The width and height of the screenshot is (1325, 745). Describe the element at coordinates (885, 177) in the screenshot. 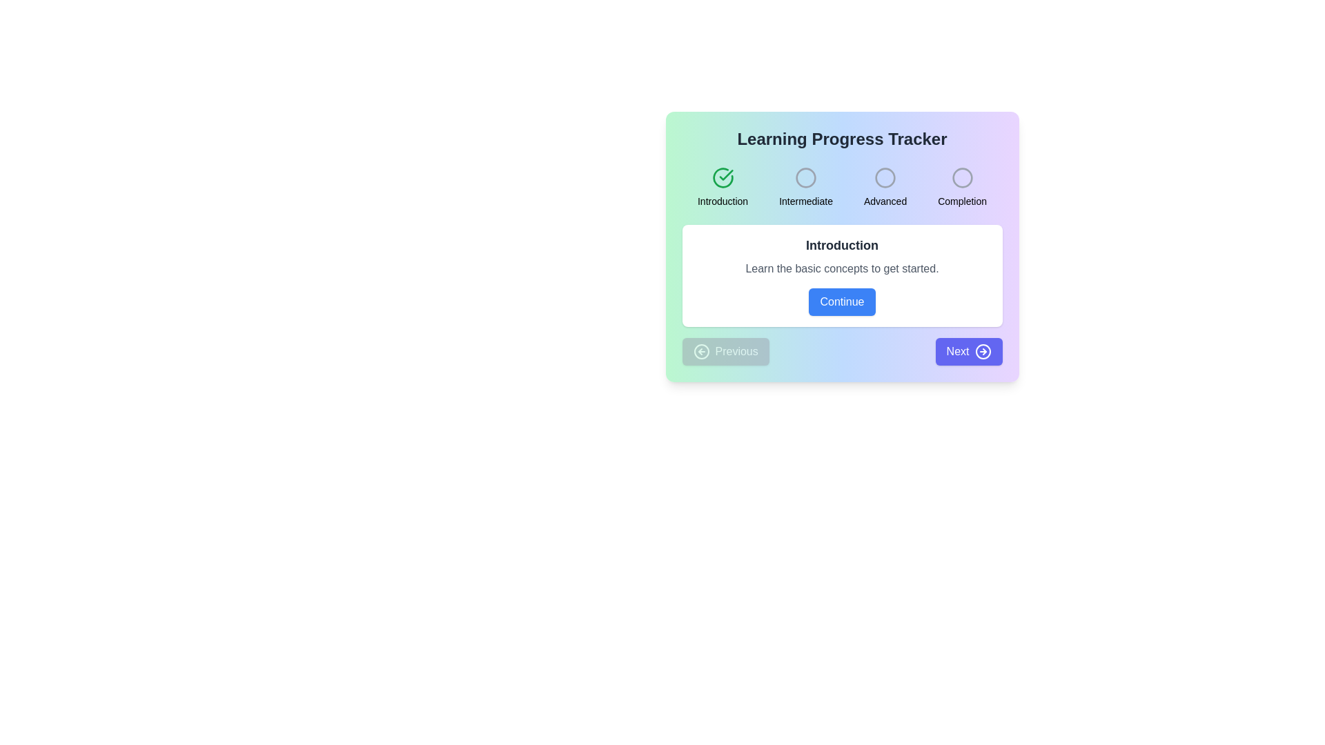

I see `the 'Advanced' stage icon in the progress tracker, which is the third icon in a sequence of four, located above the 'Advanced' label and to the right of 'Intermediate'` at that location.